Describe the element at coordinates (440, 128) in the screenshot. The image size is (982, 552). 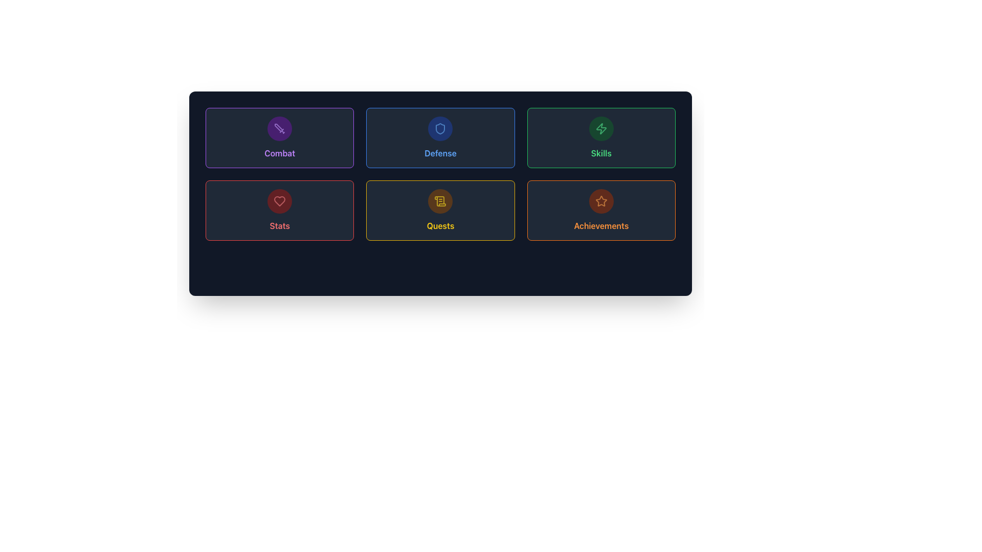
I see `the non-interactive Defense icon located in the second column of the first row within the grid layout` at that location.